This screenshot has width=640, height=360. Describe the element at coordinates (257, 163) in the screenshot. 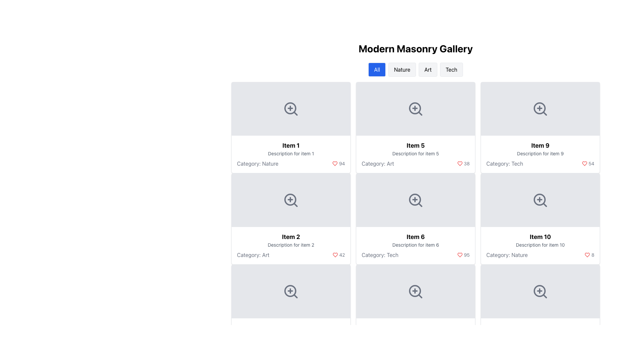

I see `the Static Text Label that describes the category of the item in the first card of the first column in the grid` at that location.